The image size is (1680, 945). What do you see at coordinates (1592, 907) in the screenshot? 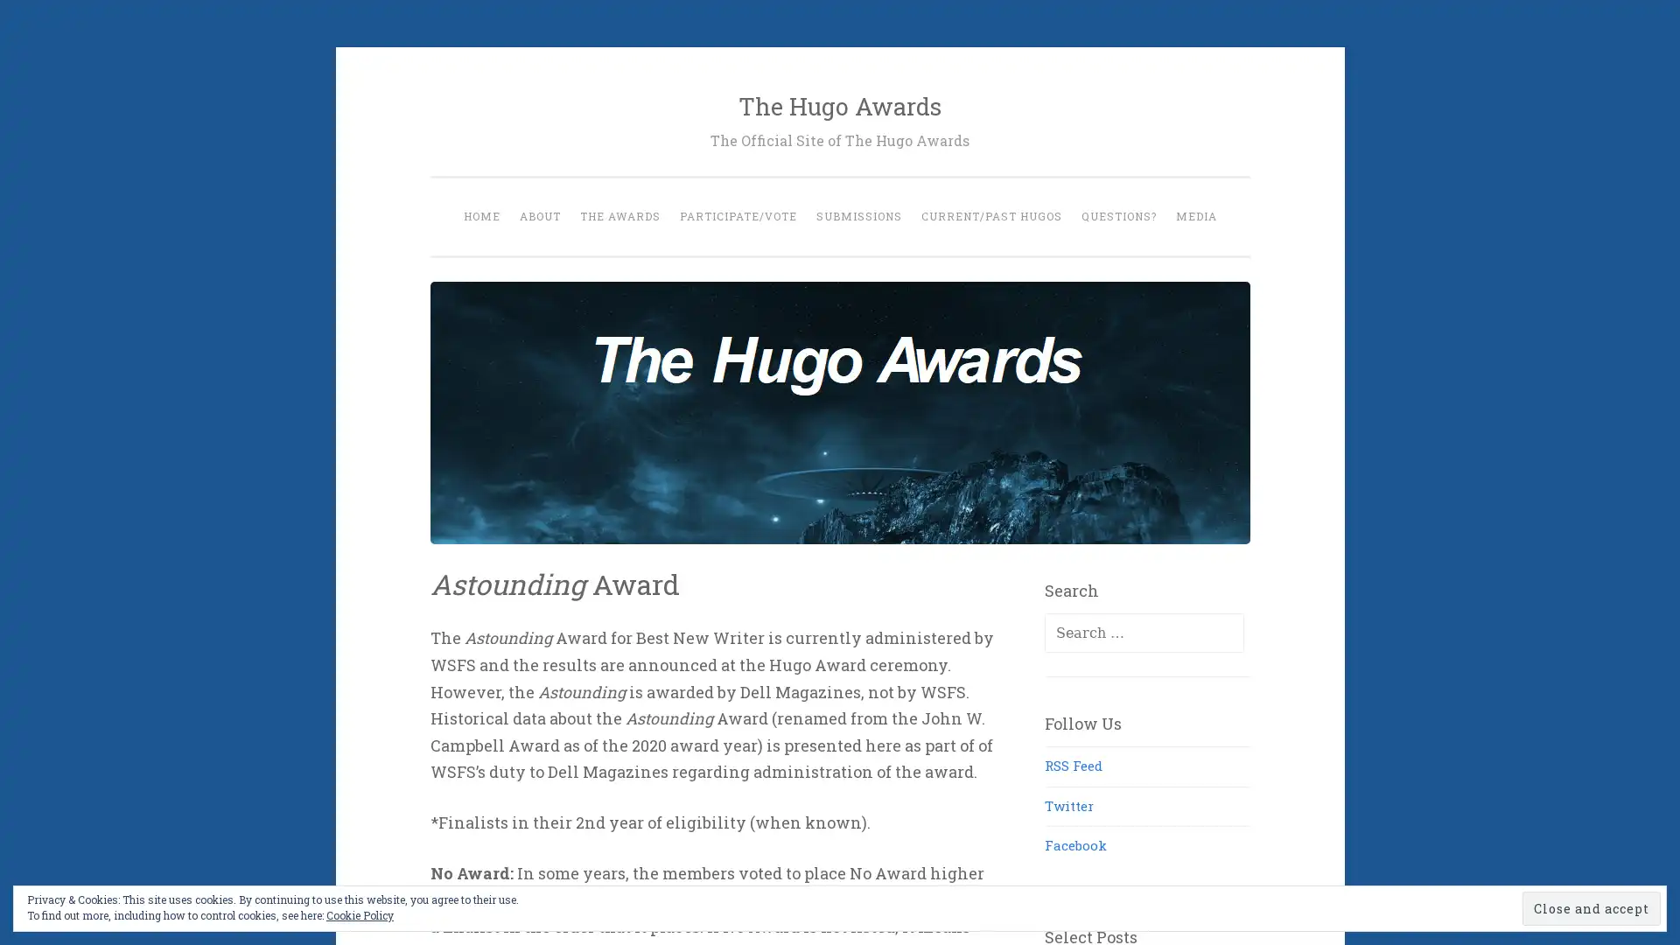
I see `Close and accept` at bounding box center [1592, 907].